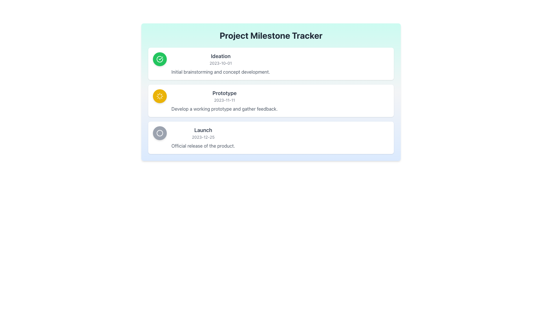  Describe the element at coordinates (224, 109) in the screenshot. I see `the text element that reads 'Develop a working prototype and gather feedback.' which is styled in medium gray and positioned within the 'Prototype' milestone section` at that location.